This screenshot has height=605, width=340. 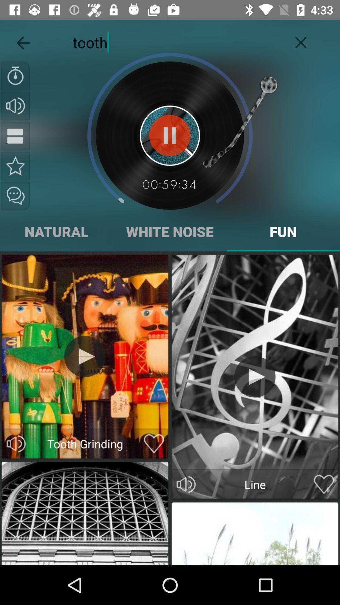 What do you see at coordinates (154, 443) in the screenshot?
I see `love post button` at bounding box center [154, 443].